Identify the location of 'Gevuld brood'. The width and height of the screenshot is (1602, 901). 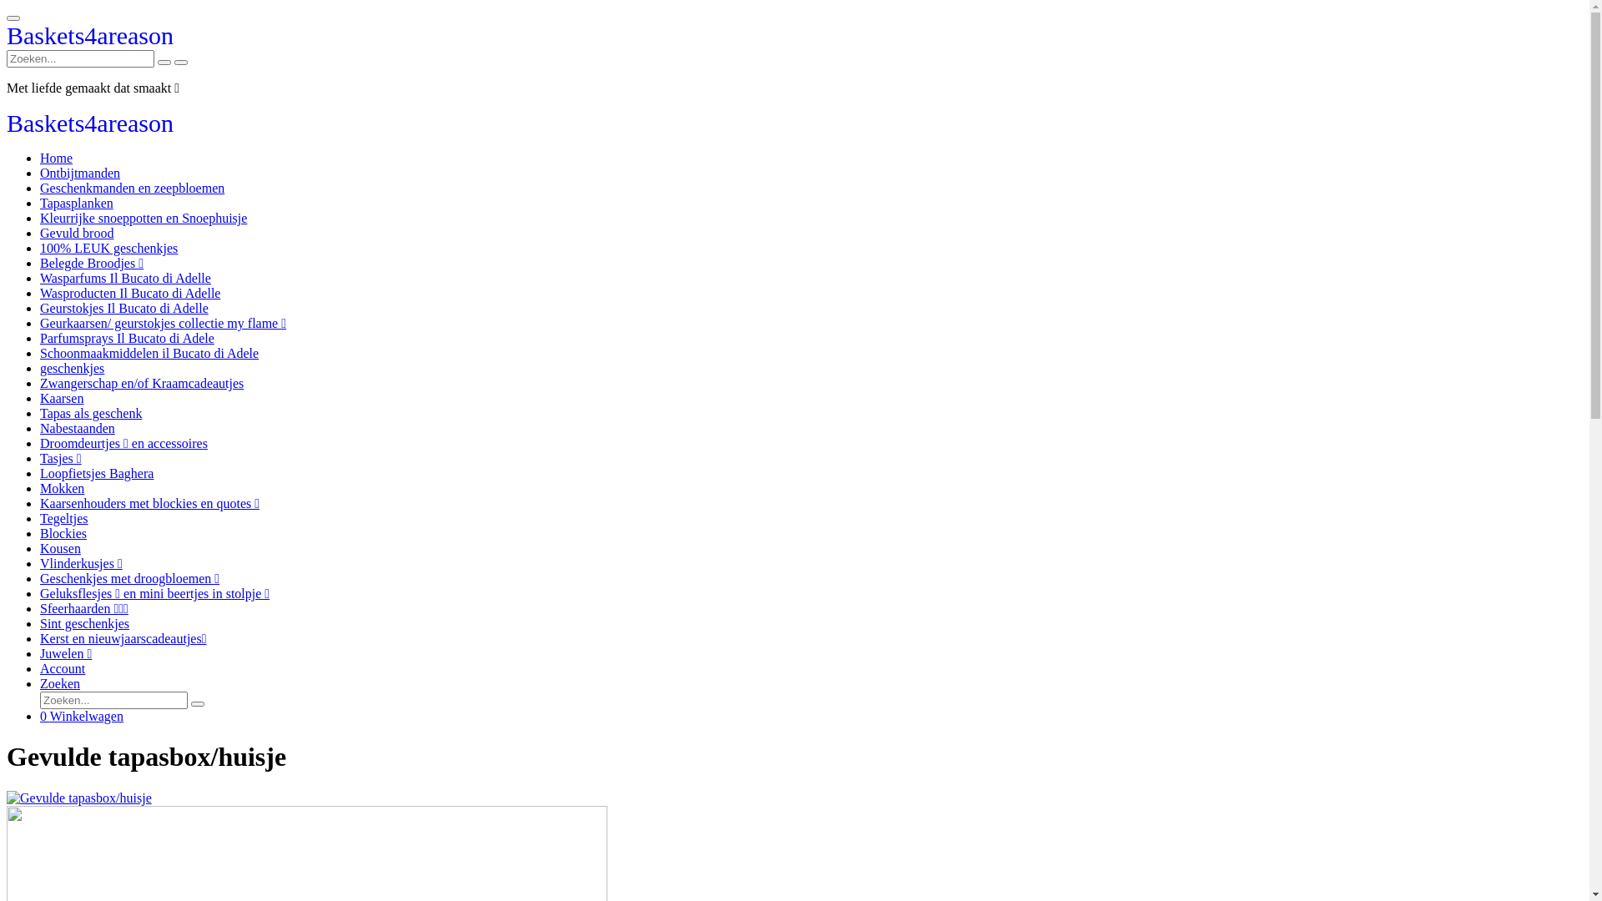
(75, 233).